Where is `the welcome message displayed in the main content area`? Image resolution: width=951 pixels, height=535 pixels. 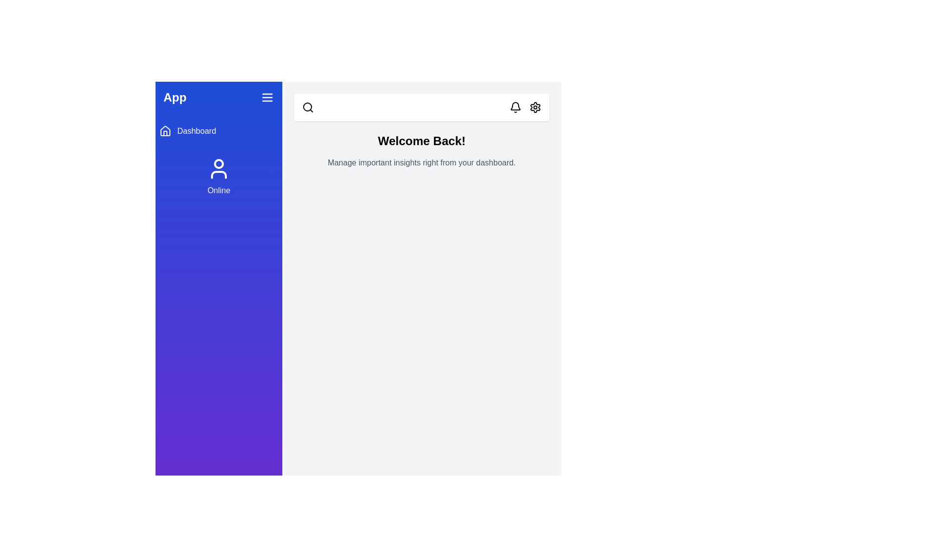 the welcome message displayed in the main content area is located at coordinates (422, 141).